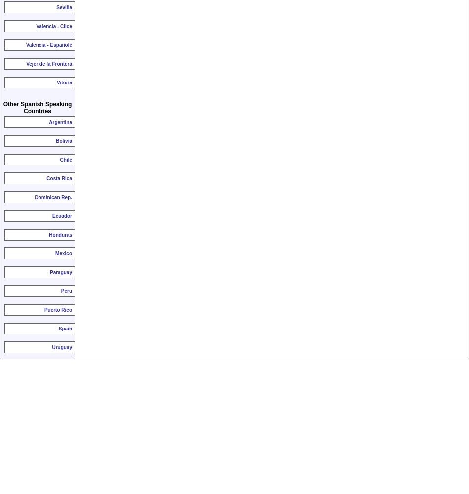 Image resolution: width=469 pixels, height=494 pixels. What do you see at coordinates (36, 26) in the screenshot?
I see `'Valencia - Cilce'` at bounding box center [36, 26].